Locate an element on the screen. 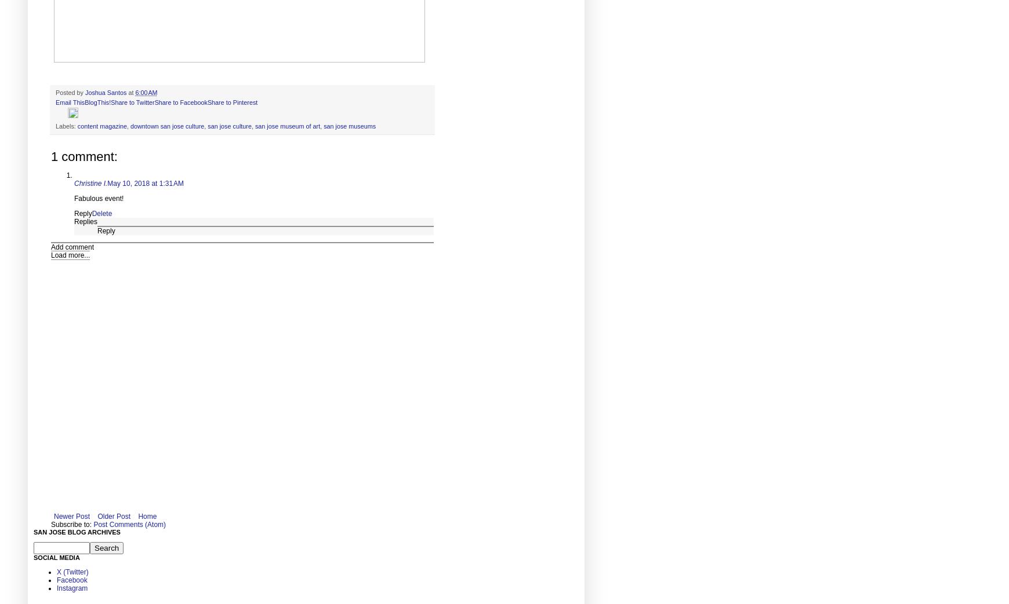  'Replies' is located at coordinates (85, 221).